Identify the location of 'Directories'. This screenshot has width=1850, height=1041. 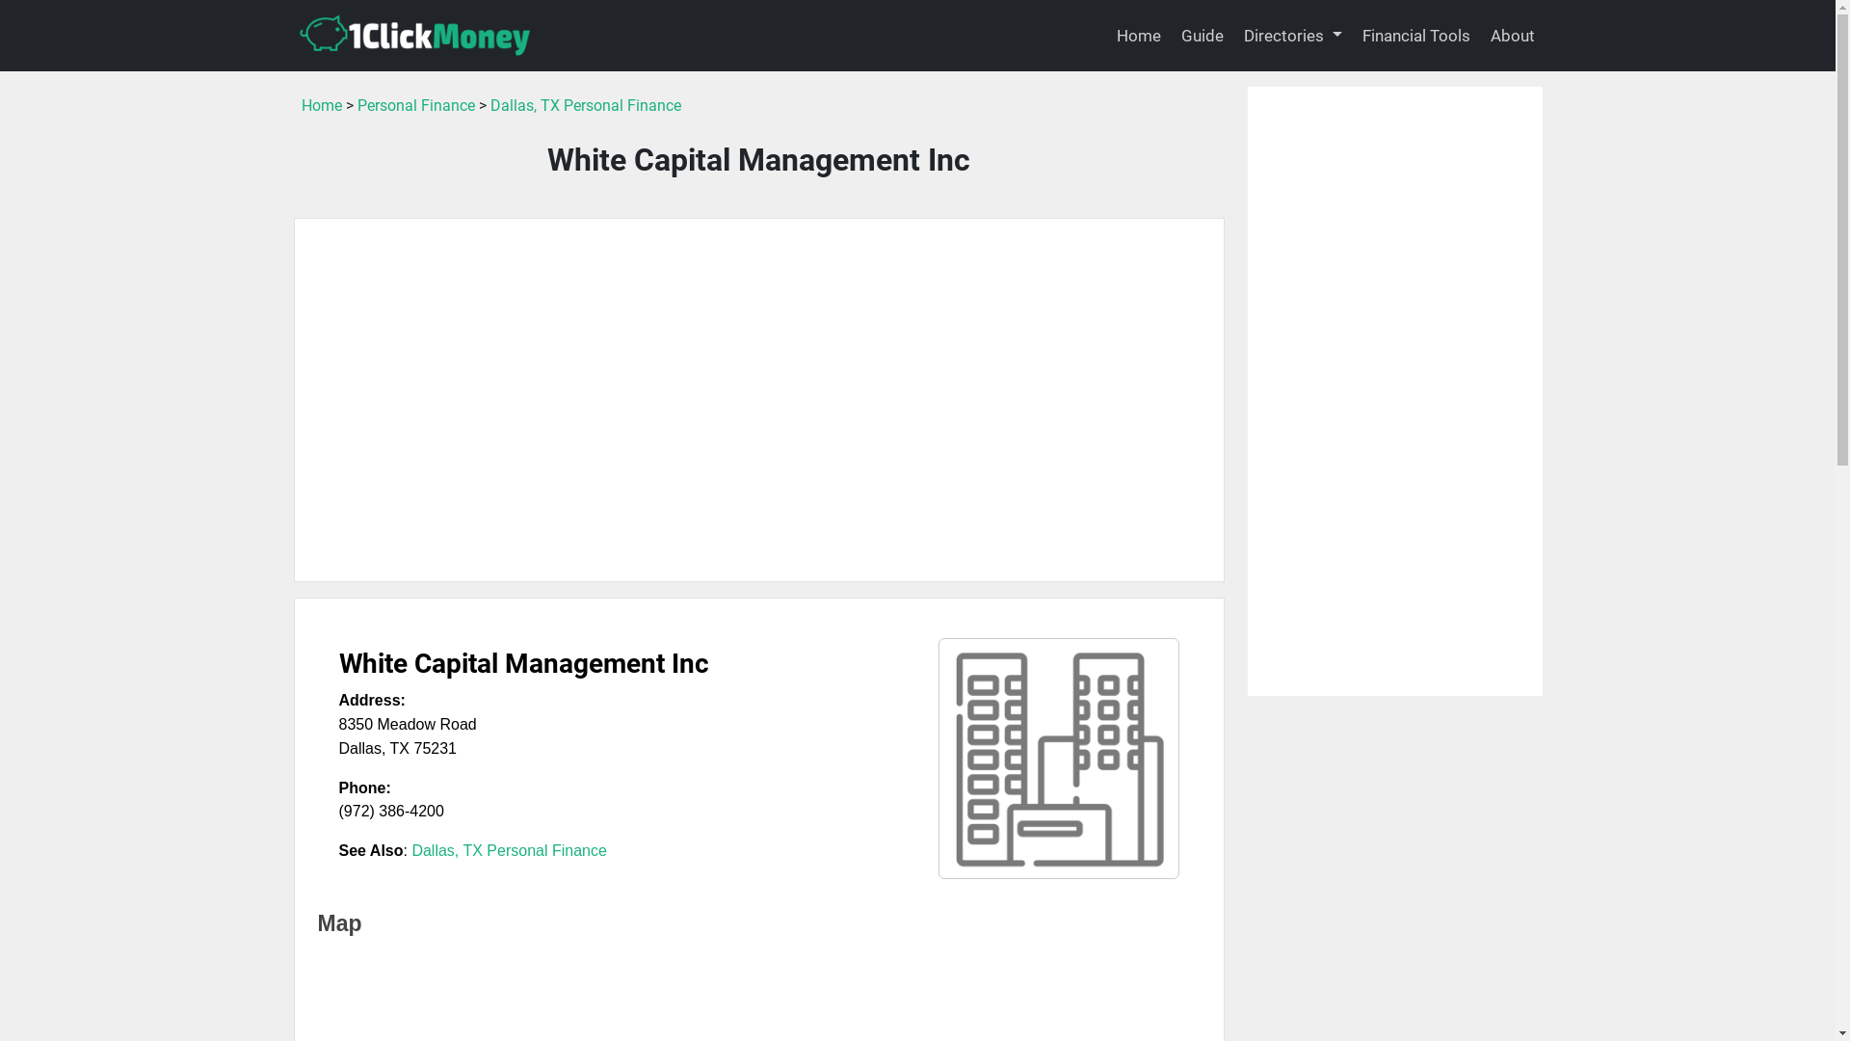
(1235, 36).